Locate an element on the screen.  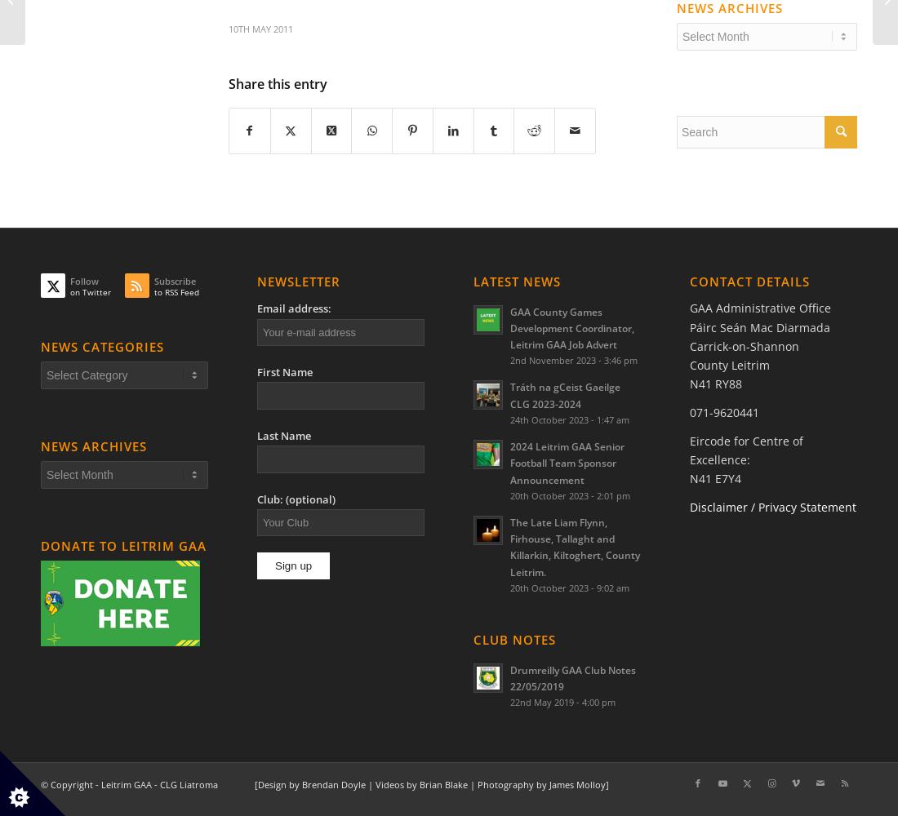
'Páirc Seán Mac Diarmada' is located at coordinates (760, 326).